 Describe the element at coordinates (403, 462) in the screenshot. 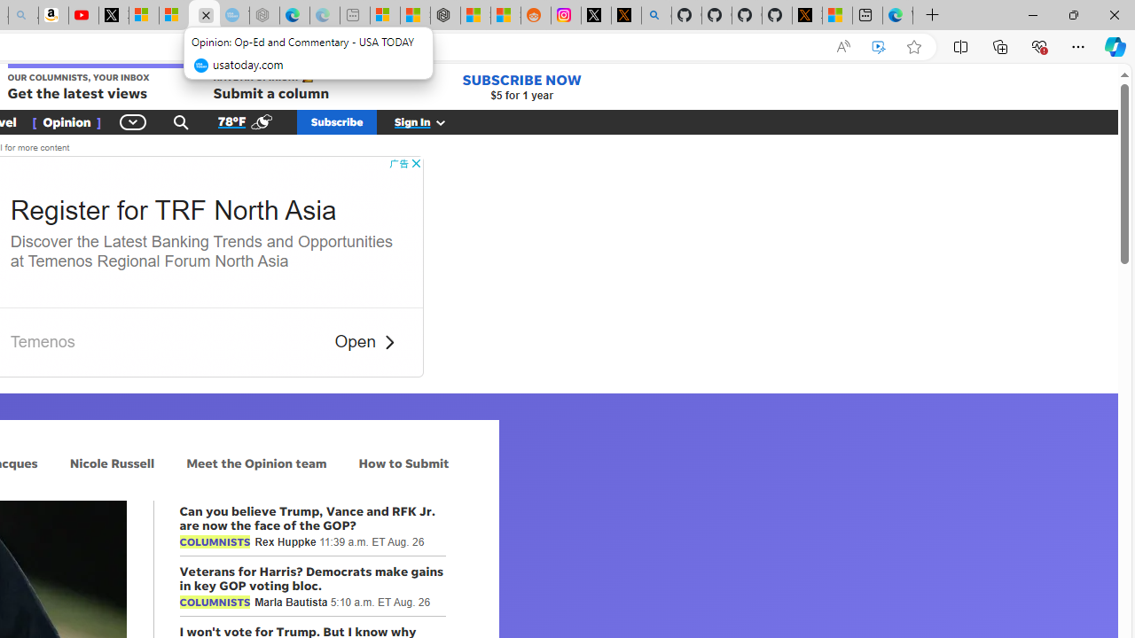

I see `'How to Submit'` at that location.